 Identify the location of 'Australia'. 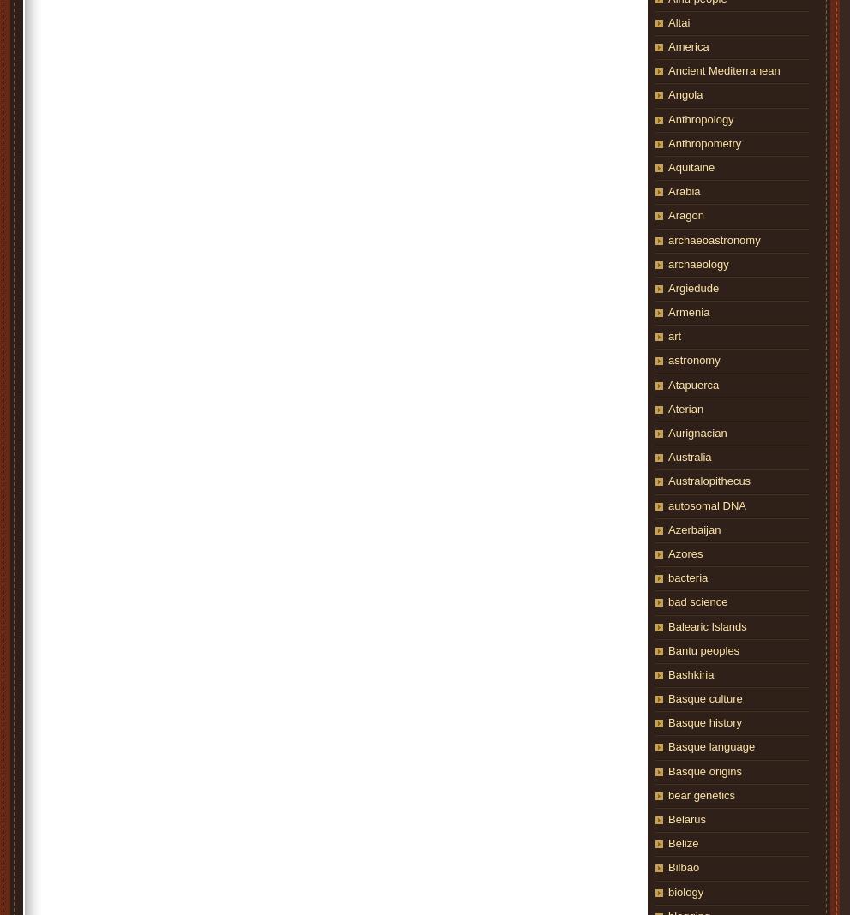
(690, 457).